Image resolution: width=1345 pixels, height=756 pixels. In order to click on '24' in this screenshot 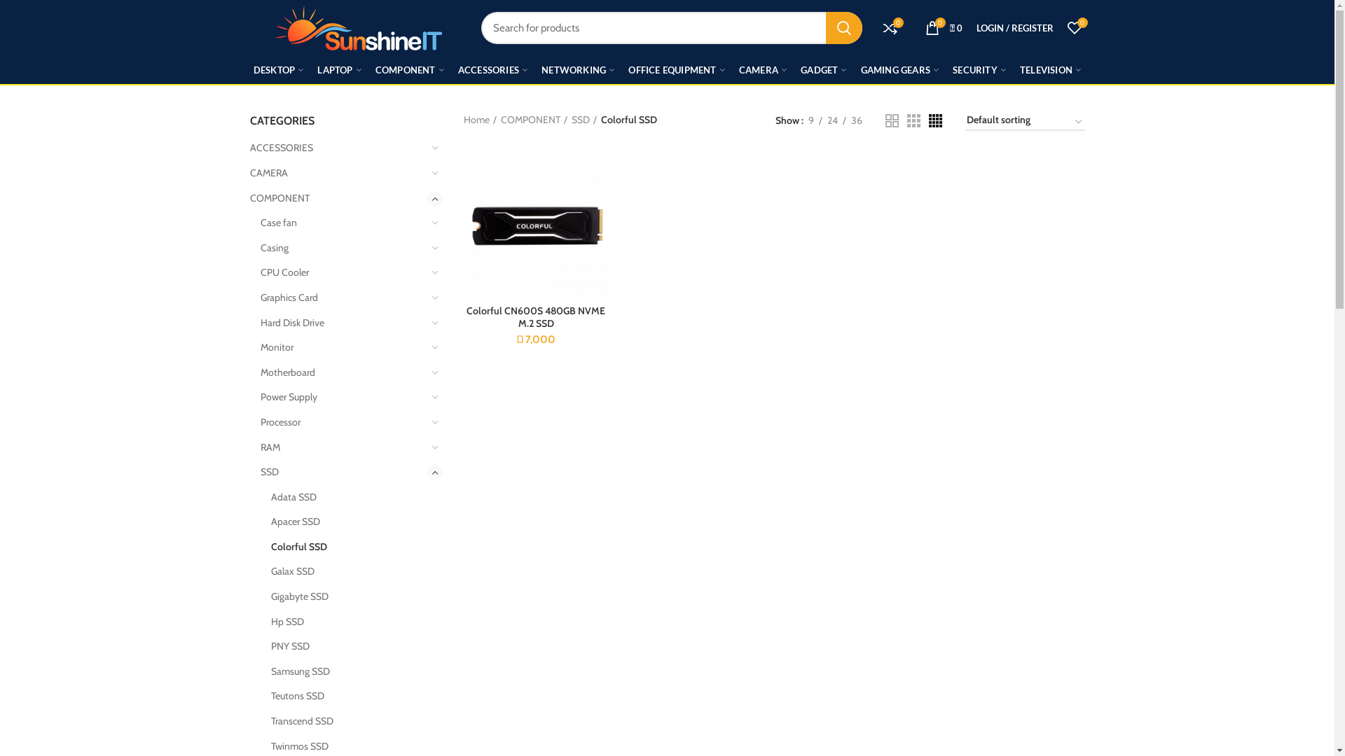, I will do `click(832, 120)`.